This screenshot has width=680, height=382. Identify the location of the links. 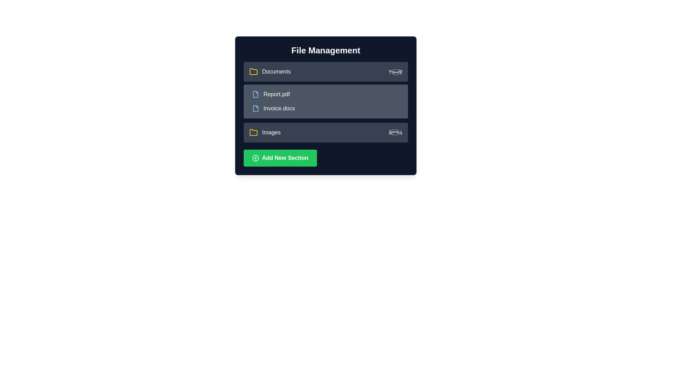
(325, 89).